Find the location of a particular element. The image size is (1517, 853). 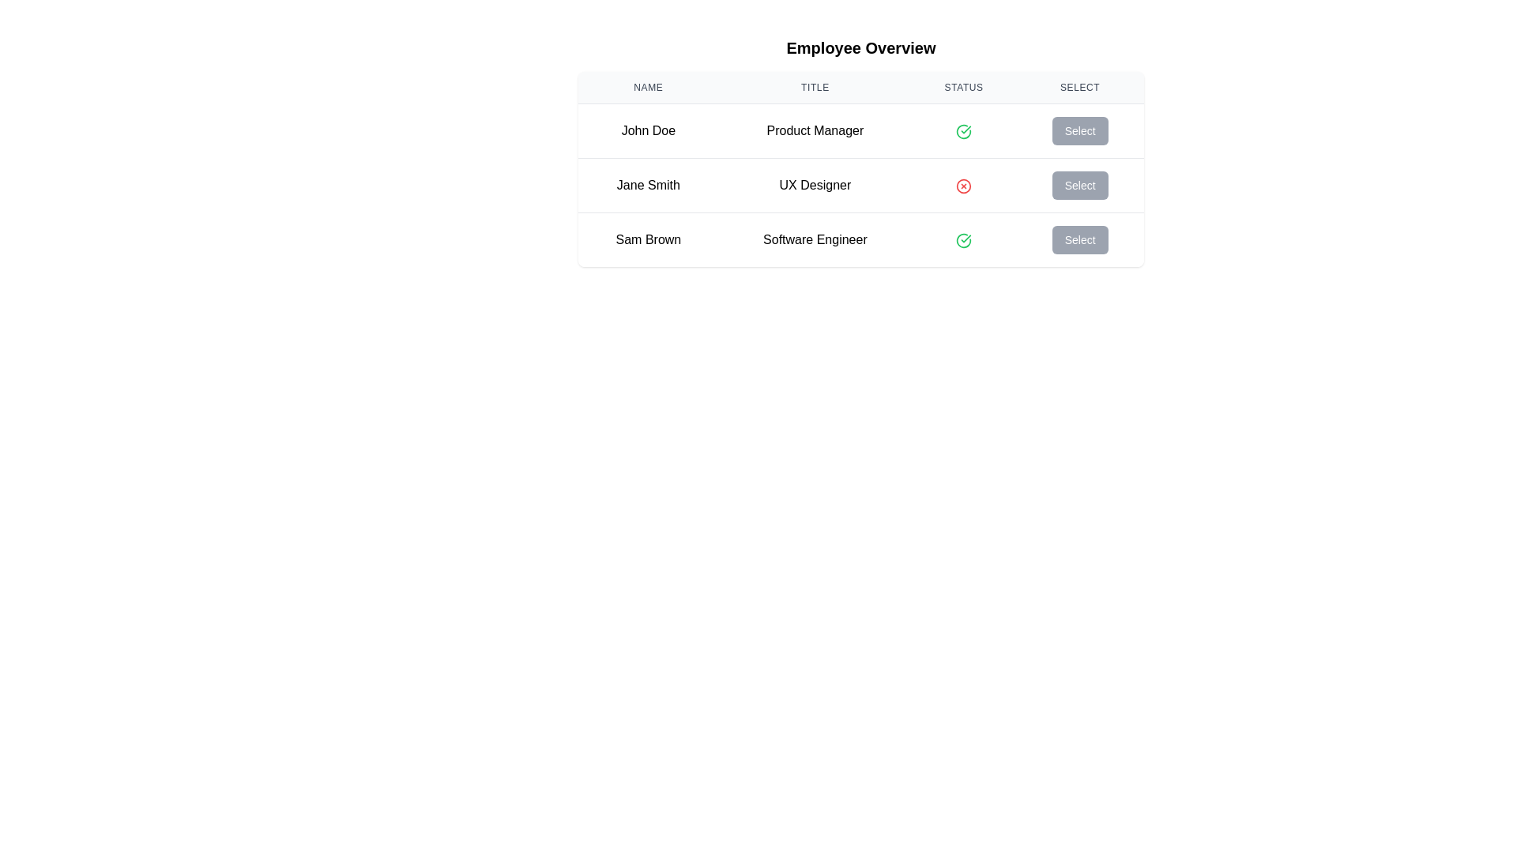

the button in the 'Select' column of the second row corresponding to the 'Jane Smith' entry is located at coordinates (1079, 185).